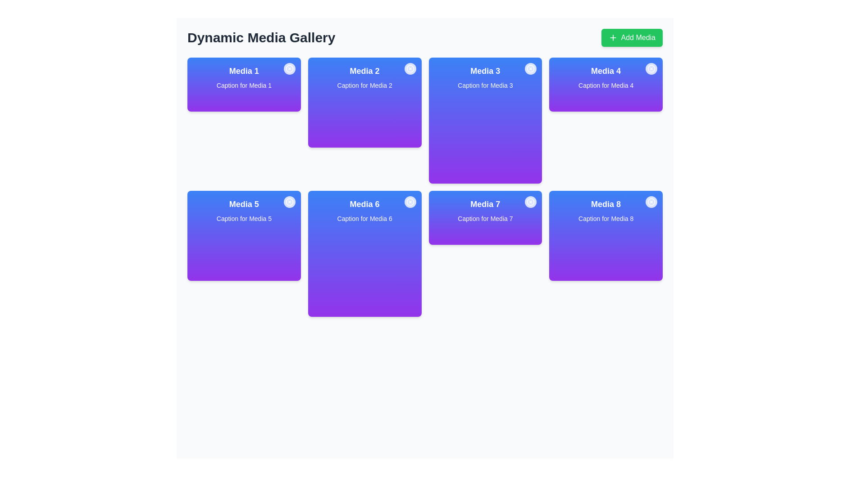 This screenshot has width=865, height=486. I want to click on the Circle SVG graphical element that serves as the background for the close icon in the top-right corner of the 'Media 6' card, so click(410, 201).